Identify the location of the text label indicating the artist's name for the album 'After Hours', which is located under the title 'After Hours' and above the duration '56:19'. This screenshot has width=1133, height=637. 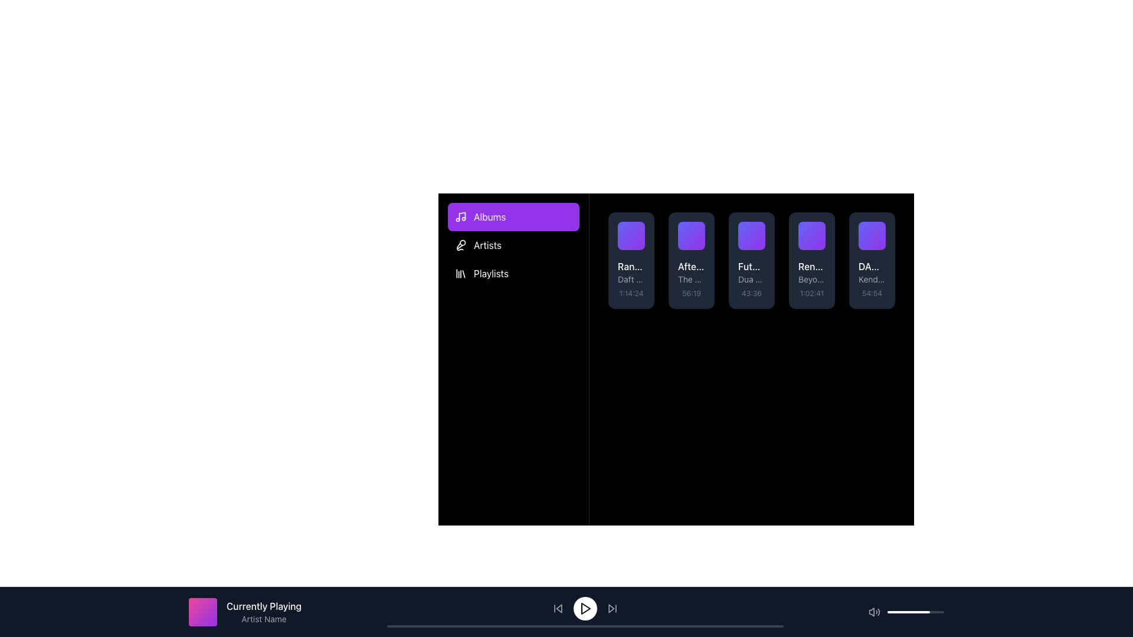
(691, 280).